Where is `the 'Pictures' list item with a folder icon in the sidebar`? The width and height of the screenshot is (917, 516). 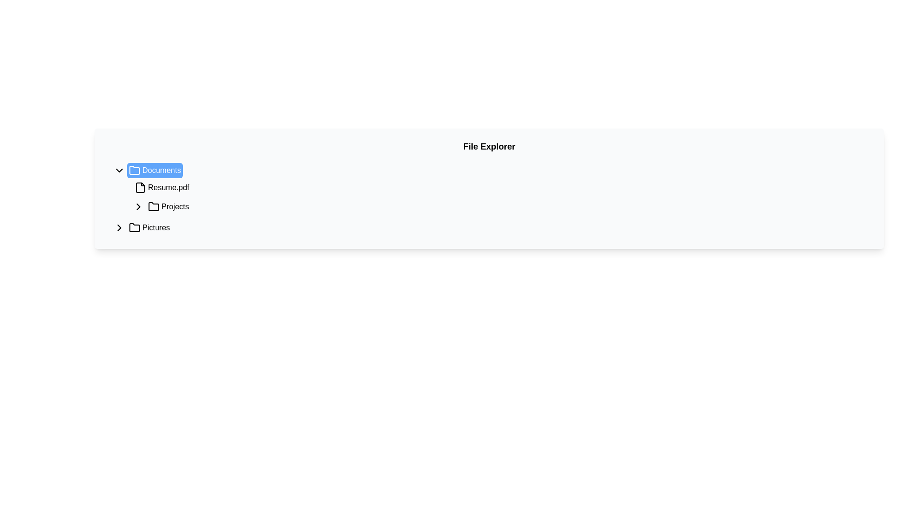
the 'Pictures' list item with a folder icon in the sidebar is located at coordinates (149, 228).